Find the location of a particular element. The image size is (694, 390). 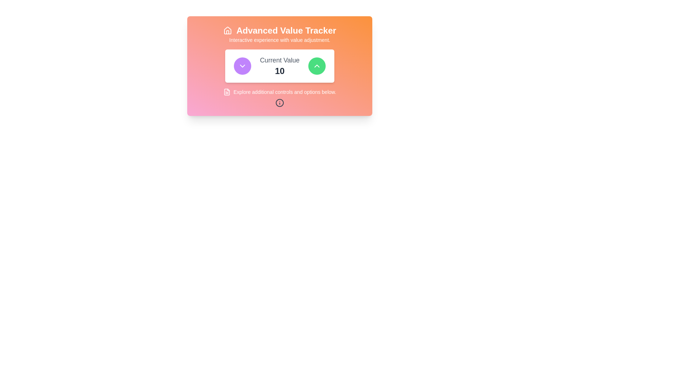

the decorative icon located to the left of the 'Explore additional controls and options below.' text in the footer is located at coordinates (227, 91).